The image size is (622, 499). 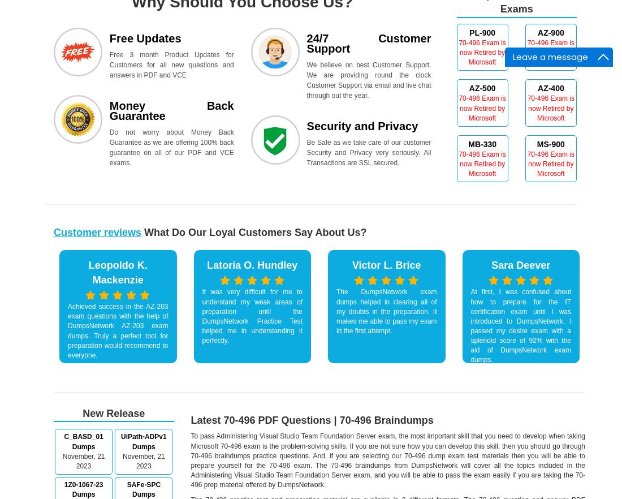 What do you see at coordinates (550, 31) in the screenshot?
I see `'AZ-900'` at bounding box center [550, 31].